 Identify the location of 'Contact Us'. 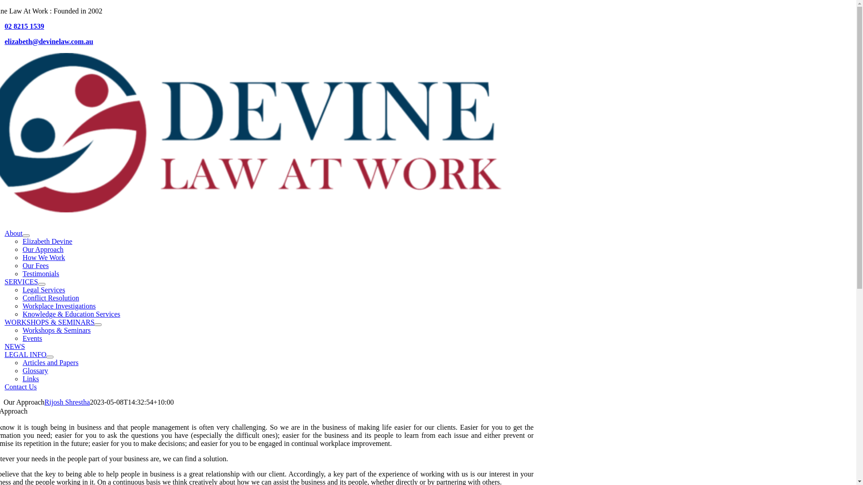
(4, 386).